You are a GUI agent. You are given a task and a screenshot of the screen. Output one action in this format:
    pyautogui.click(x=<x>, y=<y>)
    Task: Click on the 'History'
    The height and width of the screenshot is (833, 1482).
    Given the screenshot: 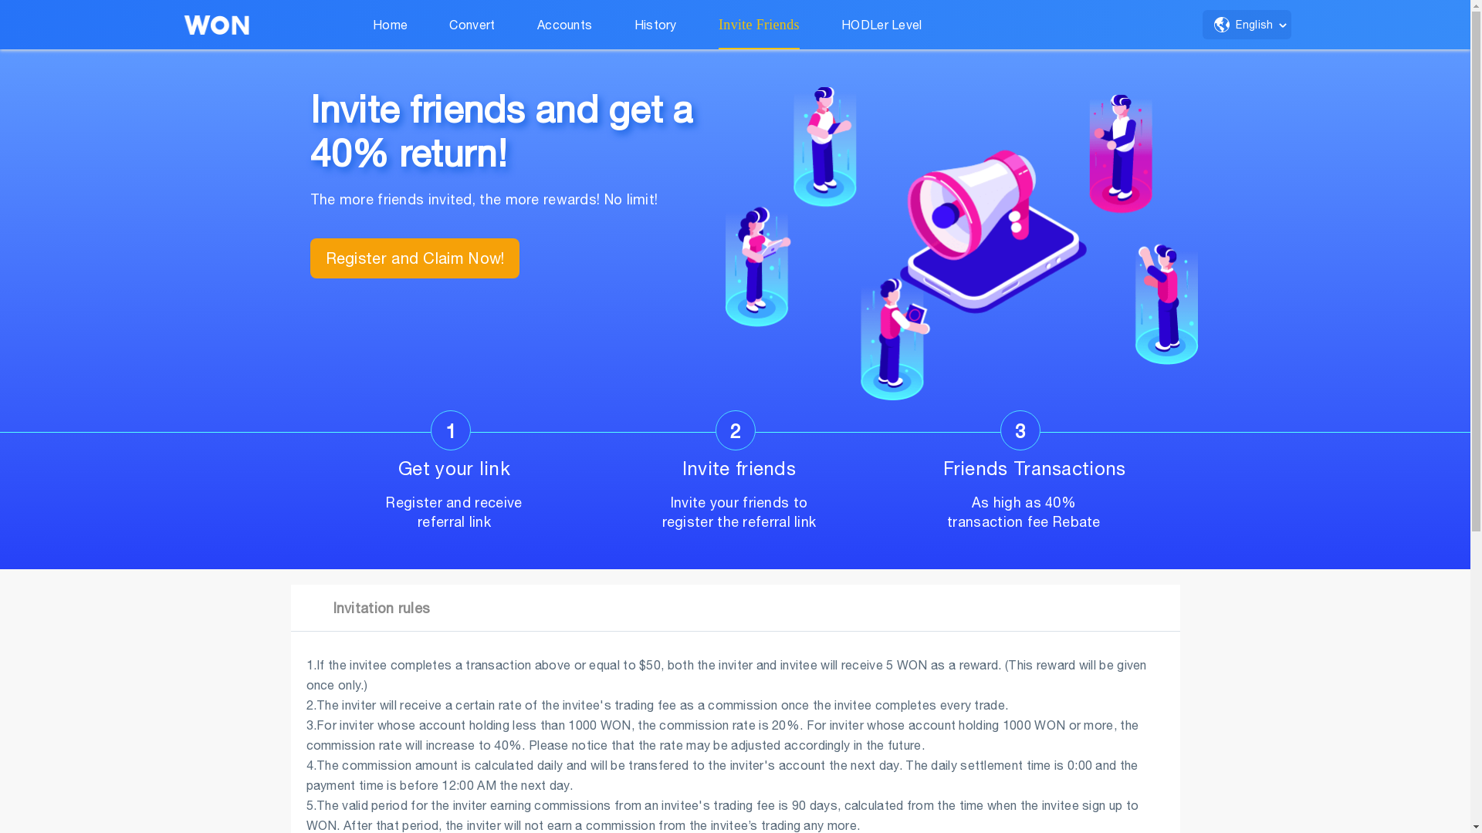 What is the action you would take?
    pyautogui.click(x=655, y=24)
    